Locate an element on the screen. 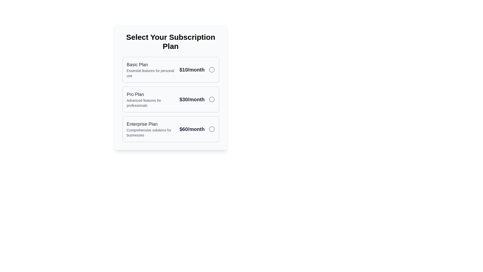 The height and width of the screenshot is (272, 483). the descriptive text label for the 'Enterprise Plan' option, which is positioned beneath its header in the subscription plans list is located at coordinates (151, 132).